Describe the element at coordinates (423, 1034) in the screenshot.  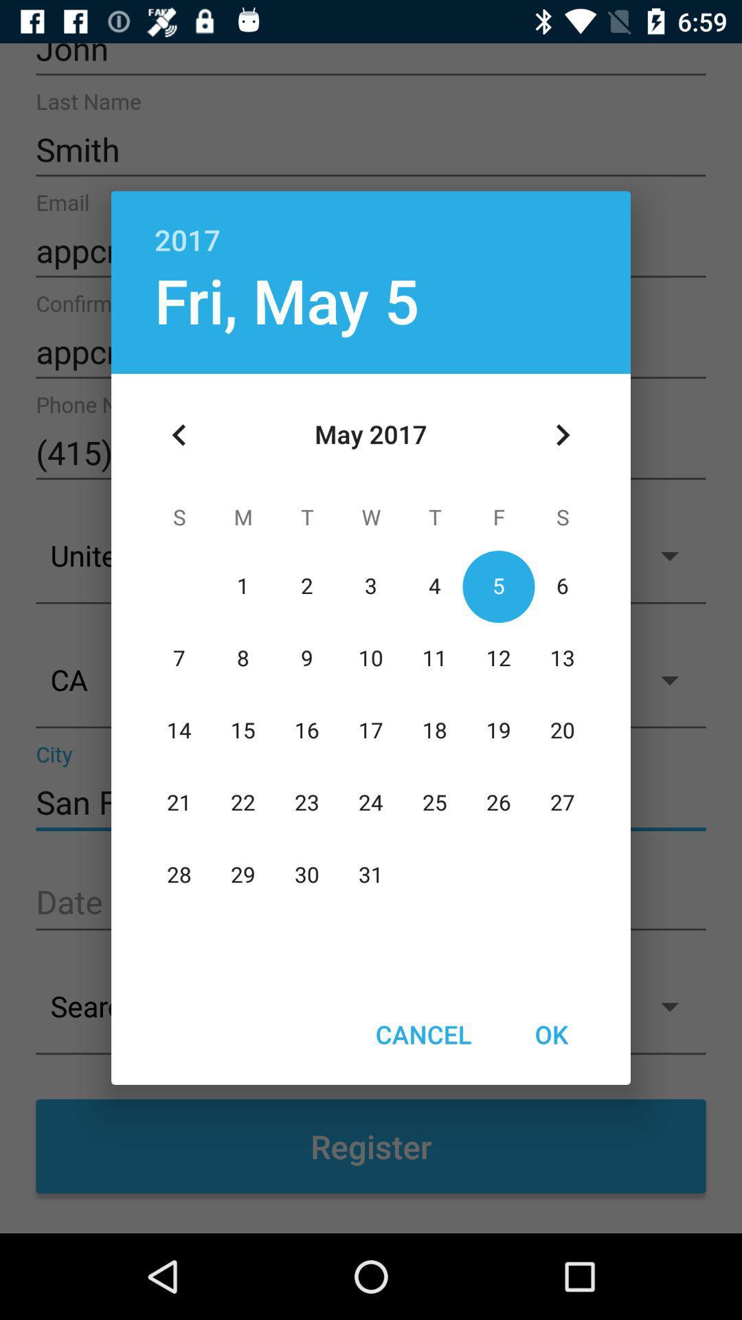
I see `cancel icon` at that location.